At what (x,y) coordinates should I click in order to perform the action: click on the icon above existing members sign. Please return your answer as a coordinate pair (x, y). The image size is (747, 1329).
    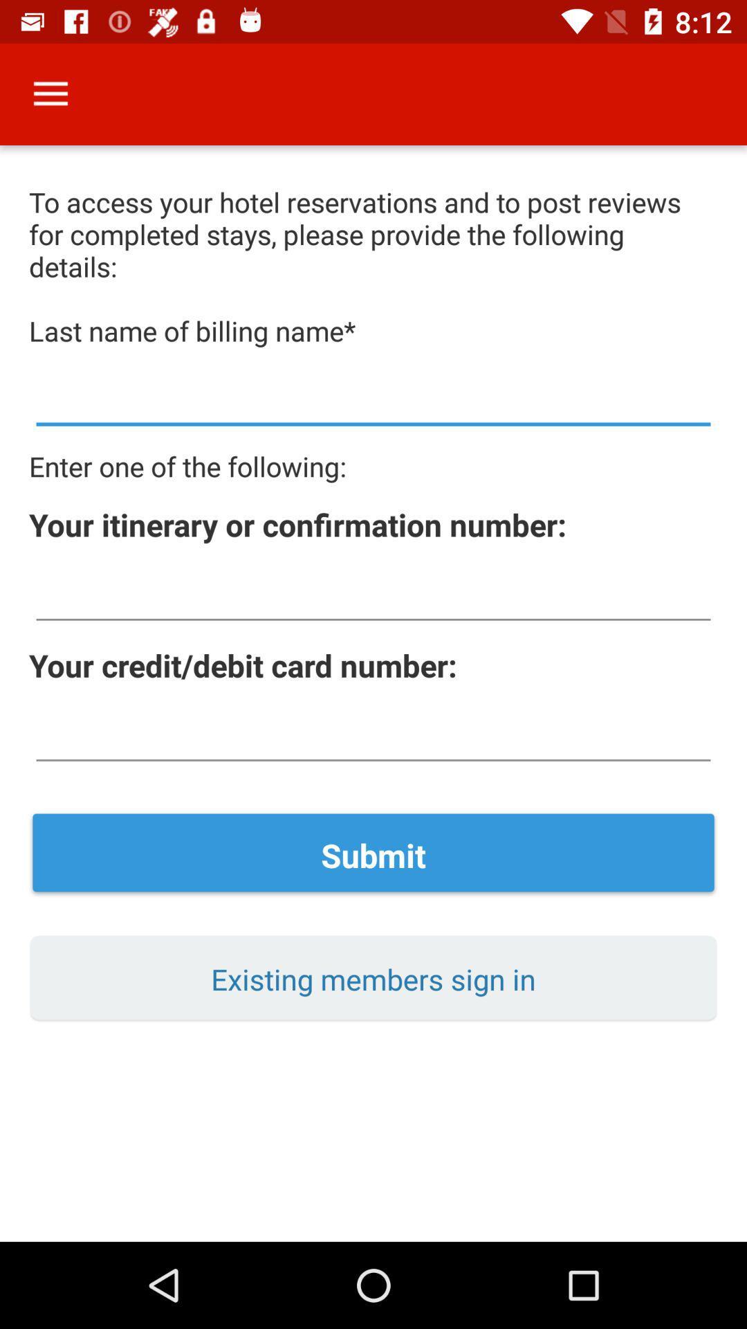
    Looking at the image, I should click on (373, 854).